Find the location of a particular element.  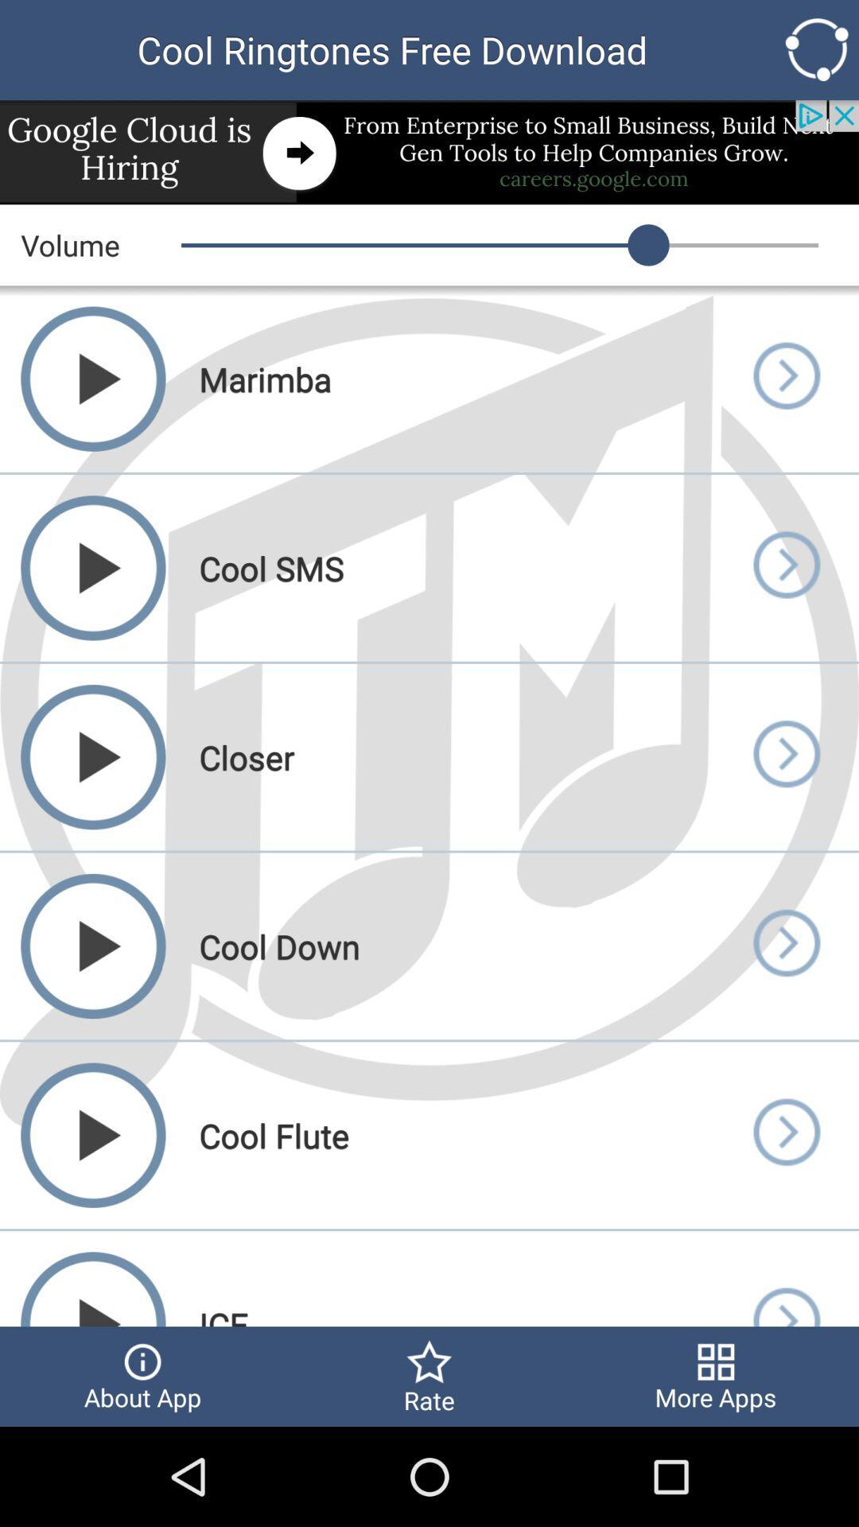

make random selection is located at coordinates (817, 49).